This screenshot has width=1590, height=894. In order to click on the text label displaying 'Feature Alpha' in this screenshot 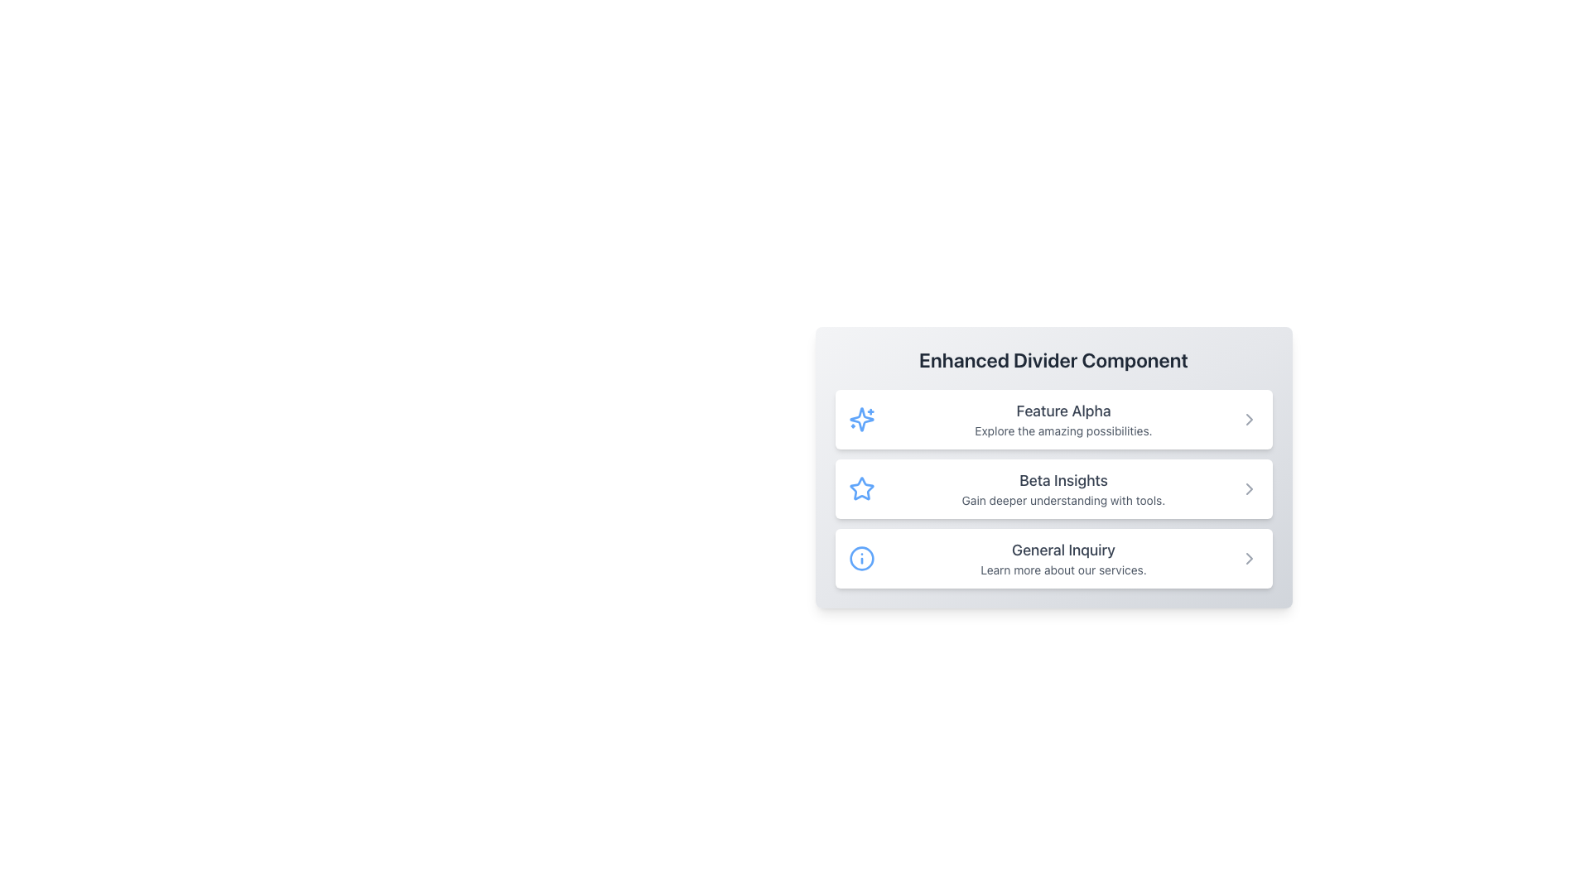, I will do `click(1063, 411)`.